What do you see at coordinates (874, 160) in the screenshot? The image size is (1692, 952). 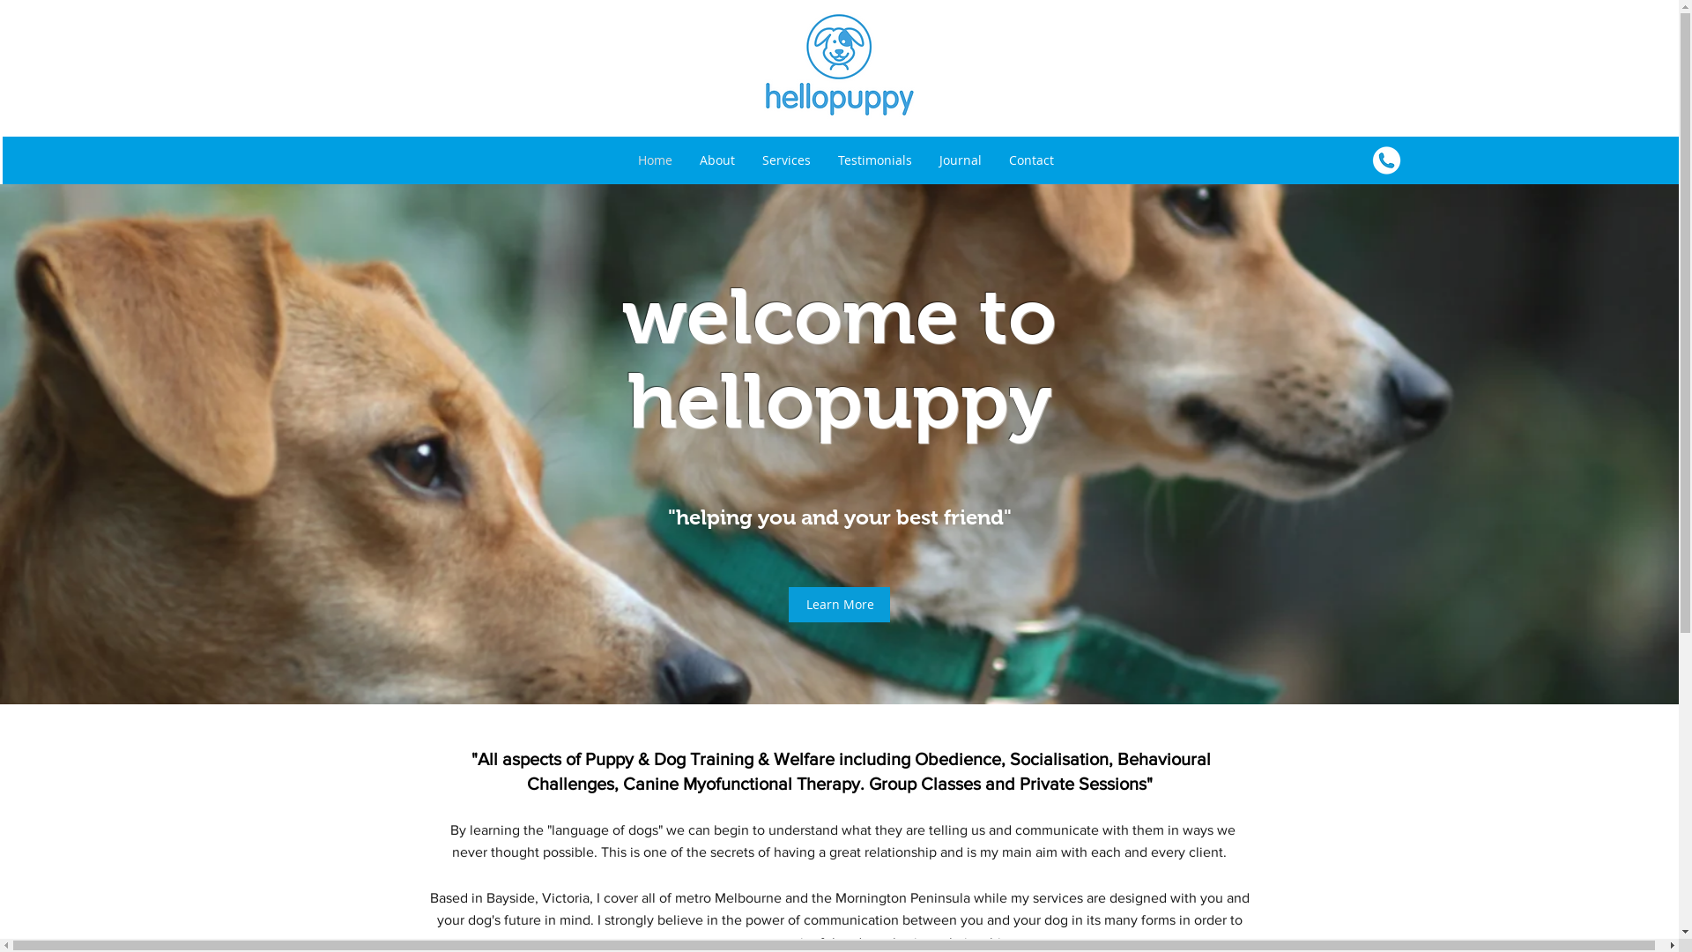 I see `'Testimonials'` at bounding box center [874, 160].